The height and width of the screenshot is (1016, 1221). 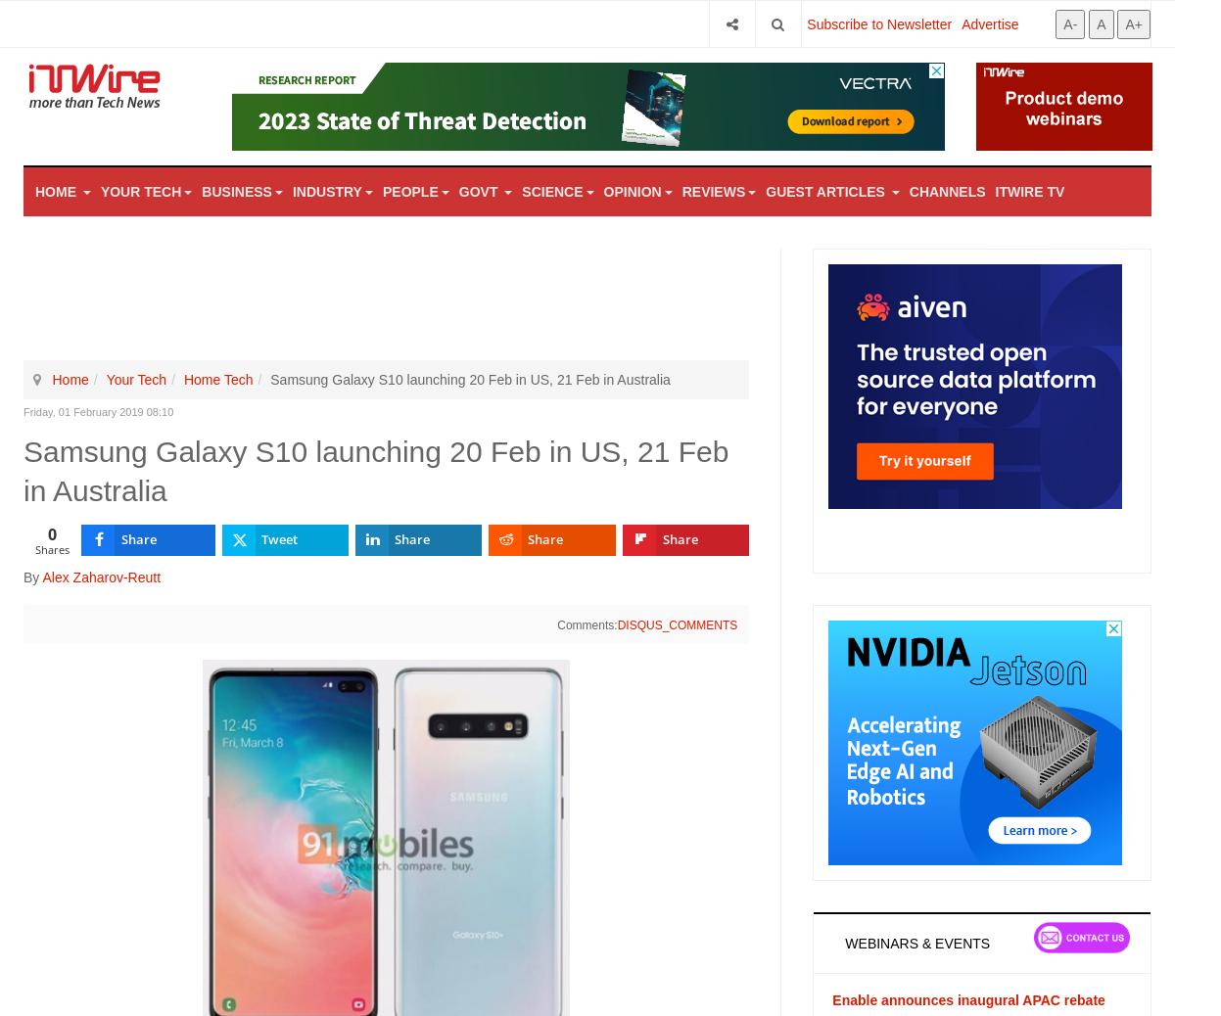 I want to click on '0', so click(x=51, y=531).